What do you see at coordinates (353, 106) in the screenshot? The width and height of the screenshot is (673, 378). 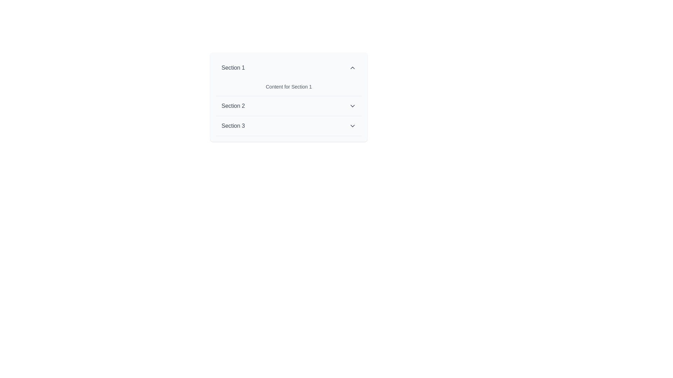 I see `the chevron icon to the right of the 'Section 2' heading` at bounding box center [353, 106].